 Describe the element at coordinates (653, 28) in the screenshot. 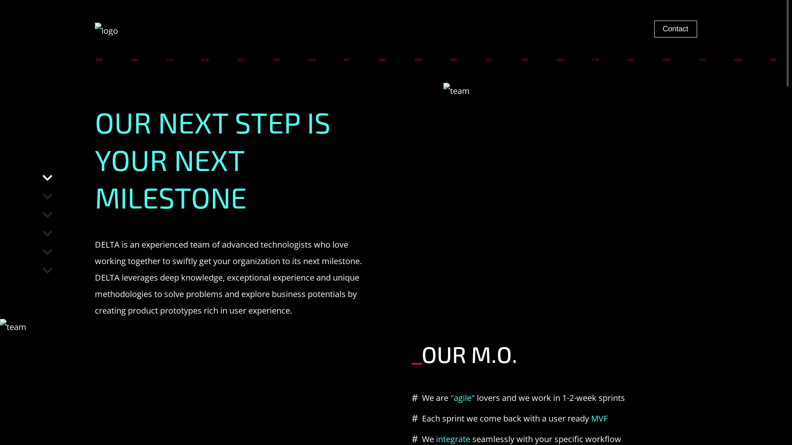

I see `'Contact'` at that location.